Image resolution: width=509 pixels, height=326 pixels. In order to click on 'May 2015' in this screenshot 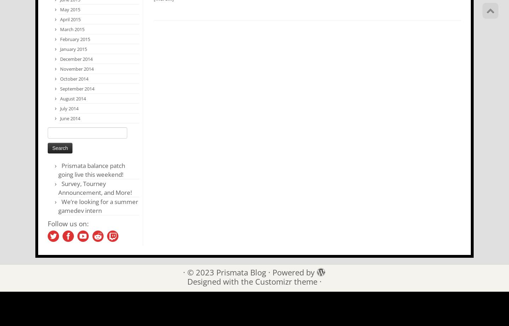, I will do `click(70, 10)`.